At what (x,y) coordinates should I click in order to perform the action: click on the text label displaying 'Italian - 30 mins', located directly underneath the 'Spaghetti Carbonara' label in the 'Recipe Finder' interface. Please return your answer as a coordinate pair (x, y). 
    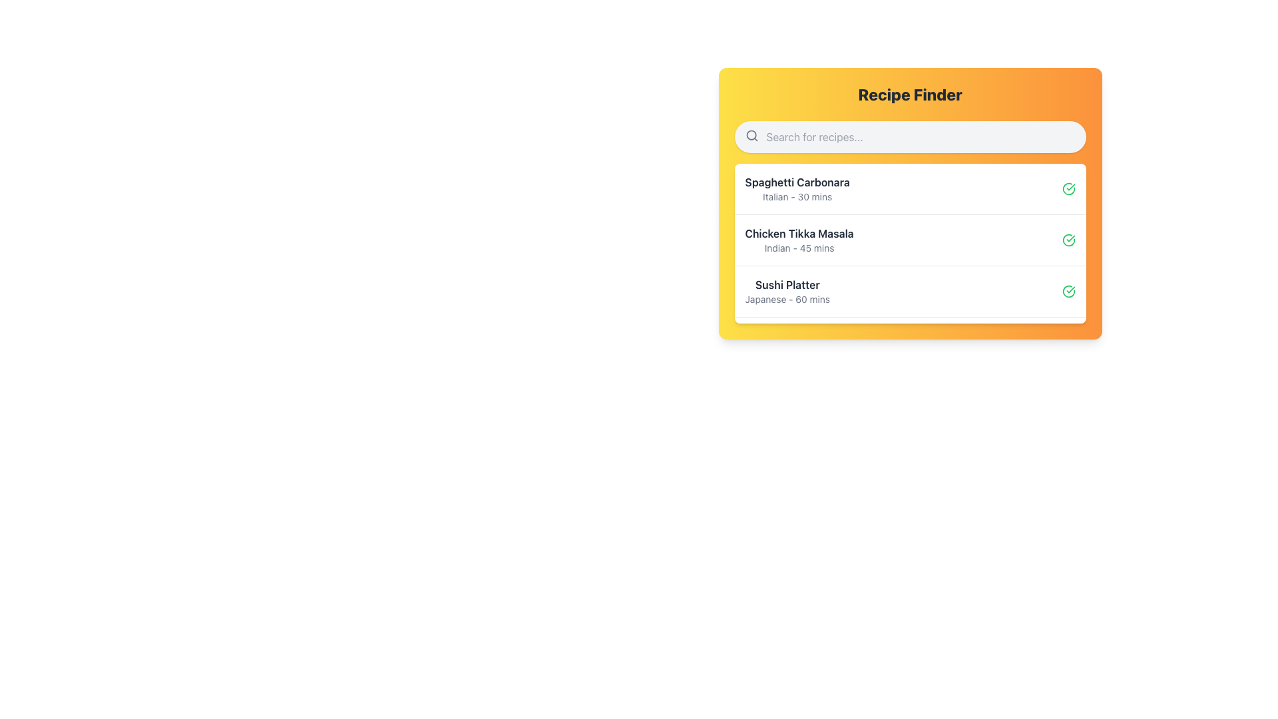
    Looking at the image, I should click on (797, 197).